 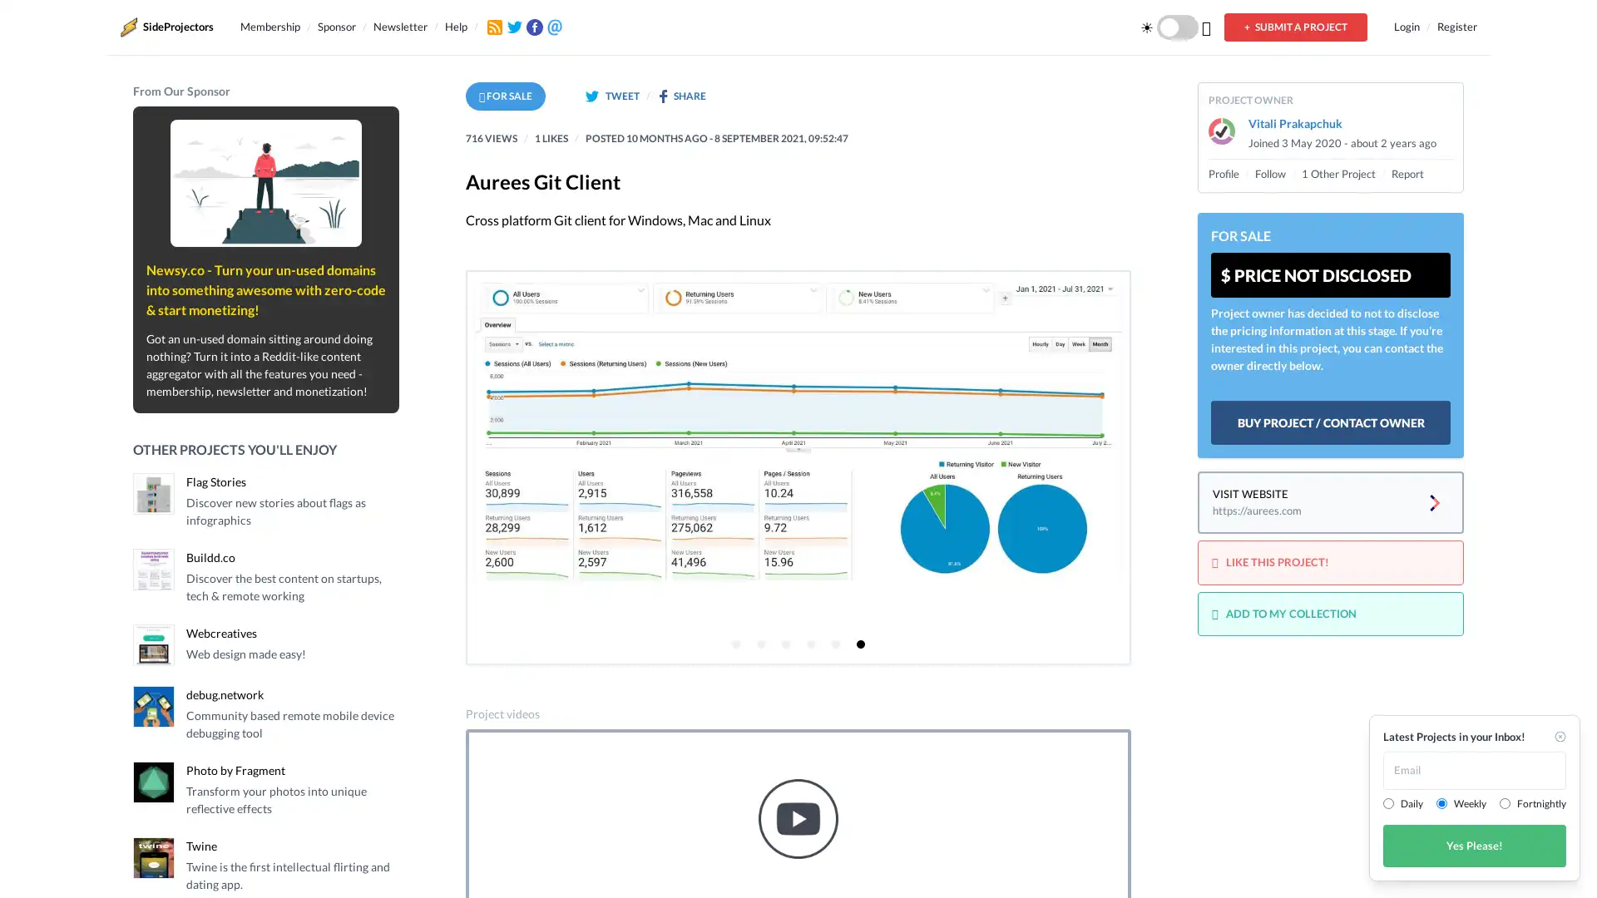 What do you see at coordinates (1329, 561) in the screenshot?
I see `LIKE THIS PROJECT!` at bounding box center [1329, 561].